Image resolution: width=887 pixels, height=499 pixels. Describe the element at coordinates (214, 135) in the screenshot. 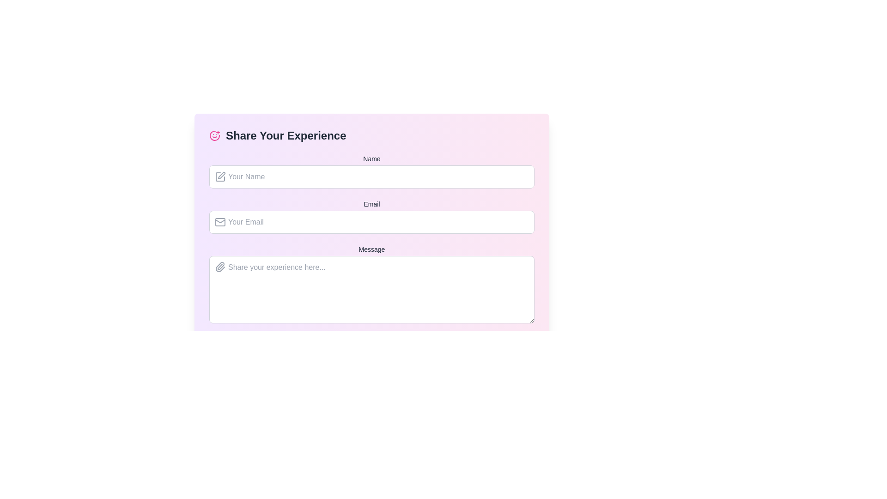

I see `the pink circular icon with a smiling face and a plus sign, positioned to the left of the text 'Share Your Experience.'` at that location.